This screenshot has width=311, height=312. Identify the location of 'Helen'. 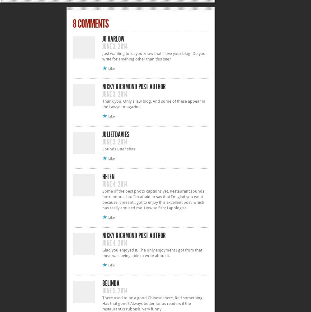
(108, 176).